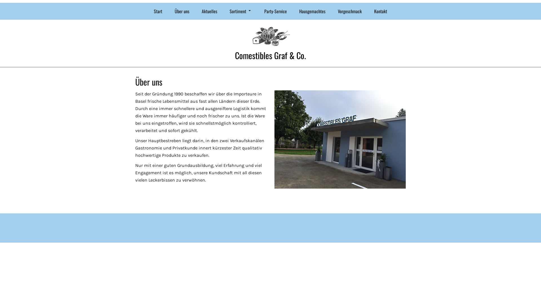 The height and width of the screenshot is (304, 541). Describe the element at coordinates (196, 11) in the screenshot. I see `'Aktuelles'` at that location.